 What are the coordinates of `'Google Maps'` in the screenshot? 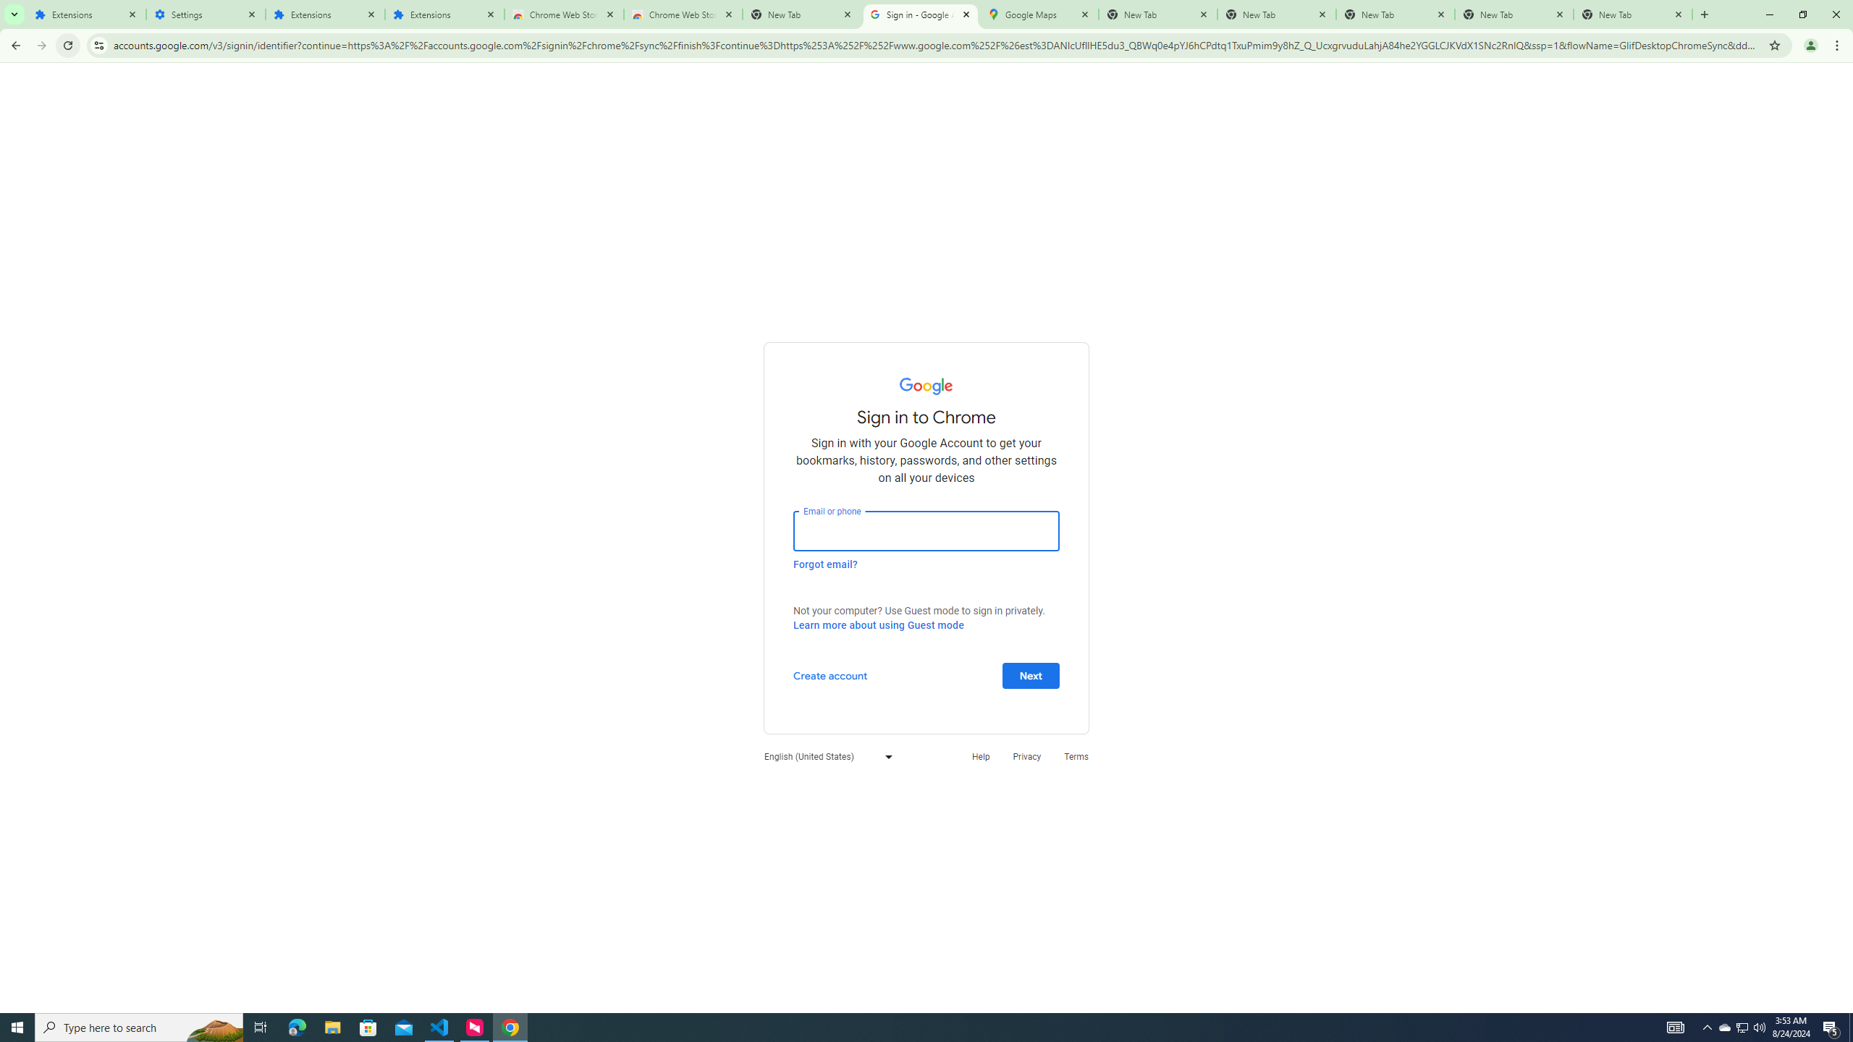 It's located at (1038, 14).